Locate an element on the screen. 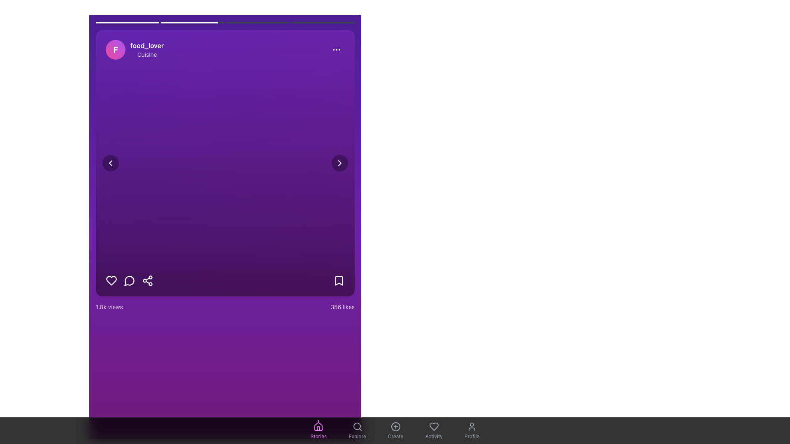 The width and height of the screenshot is (790, 444). the 'Like' icon located in the lower-left corner of the card-like section is located at coordinates (433, 426).